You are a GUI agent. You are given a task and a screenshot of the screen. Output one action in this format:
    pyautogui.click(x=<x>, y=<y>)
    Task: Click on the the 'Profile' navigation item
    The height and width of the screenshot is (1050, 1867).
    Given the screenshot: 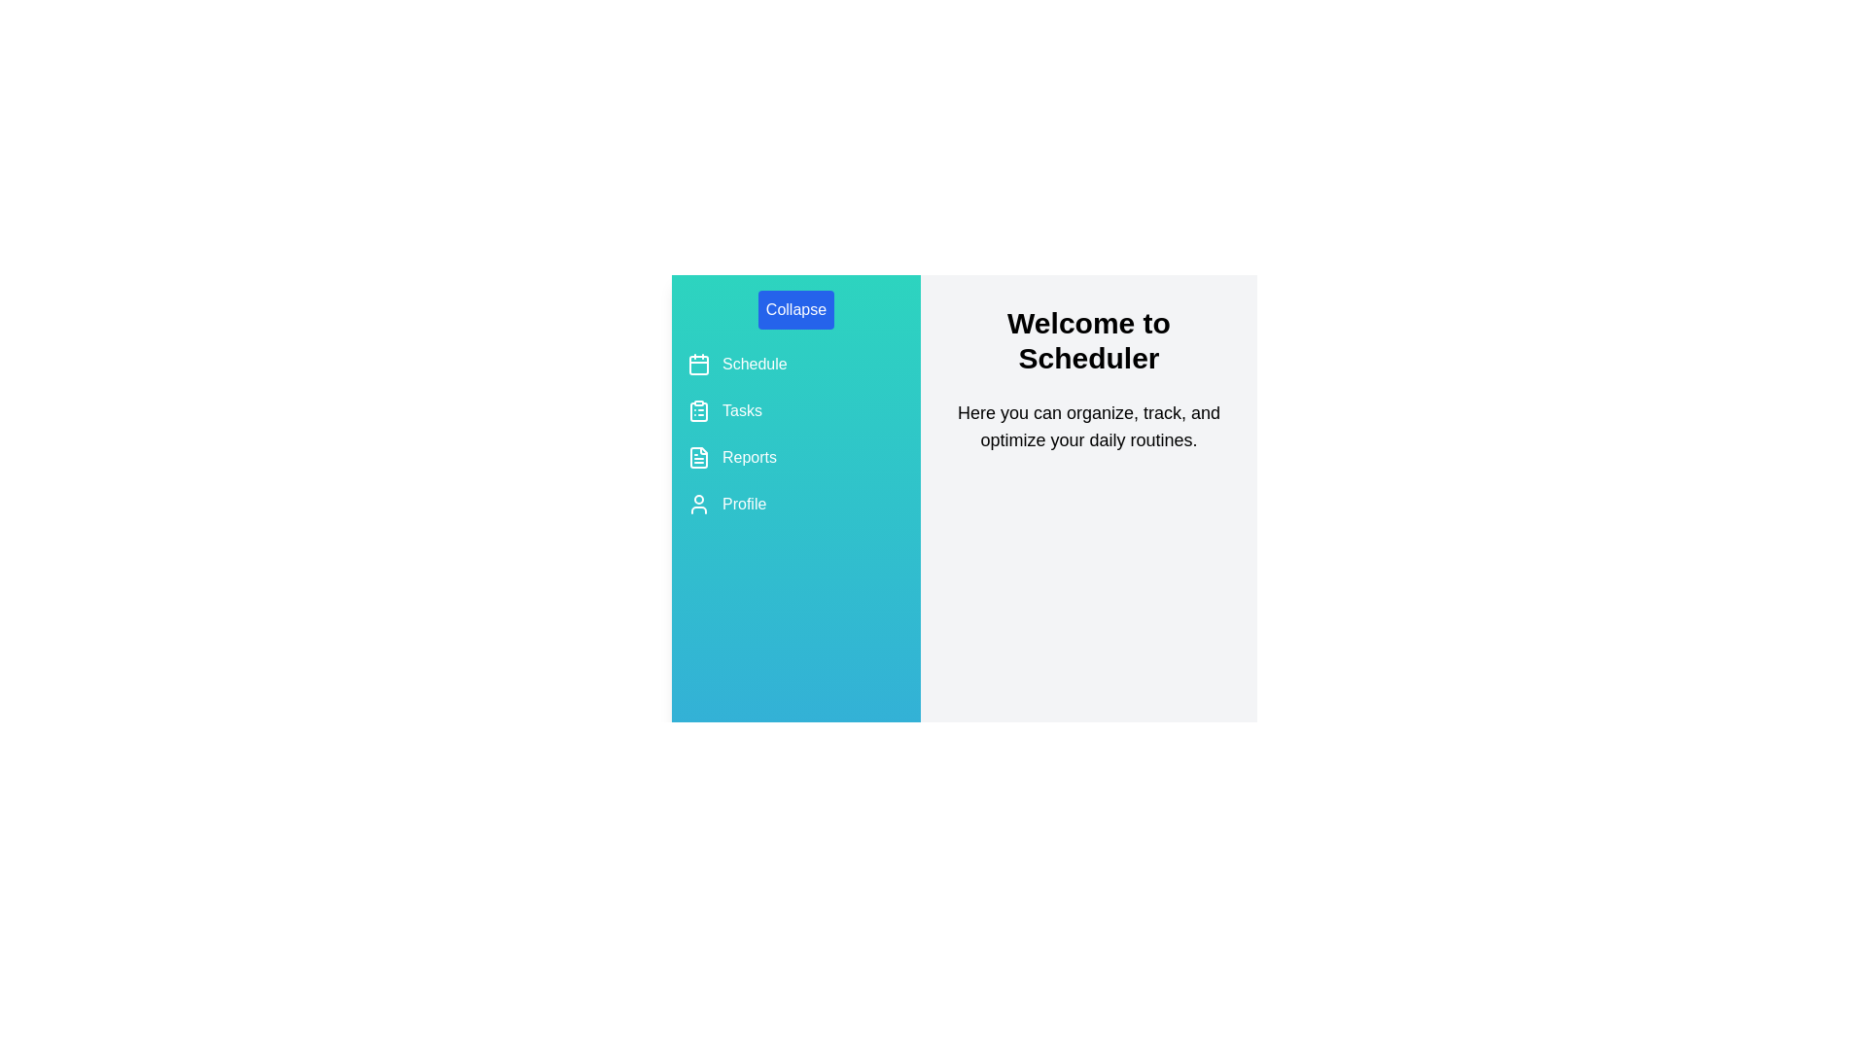 What is the action you would take?
    pyautogui.click(x=796, y=504)
    